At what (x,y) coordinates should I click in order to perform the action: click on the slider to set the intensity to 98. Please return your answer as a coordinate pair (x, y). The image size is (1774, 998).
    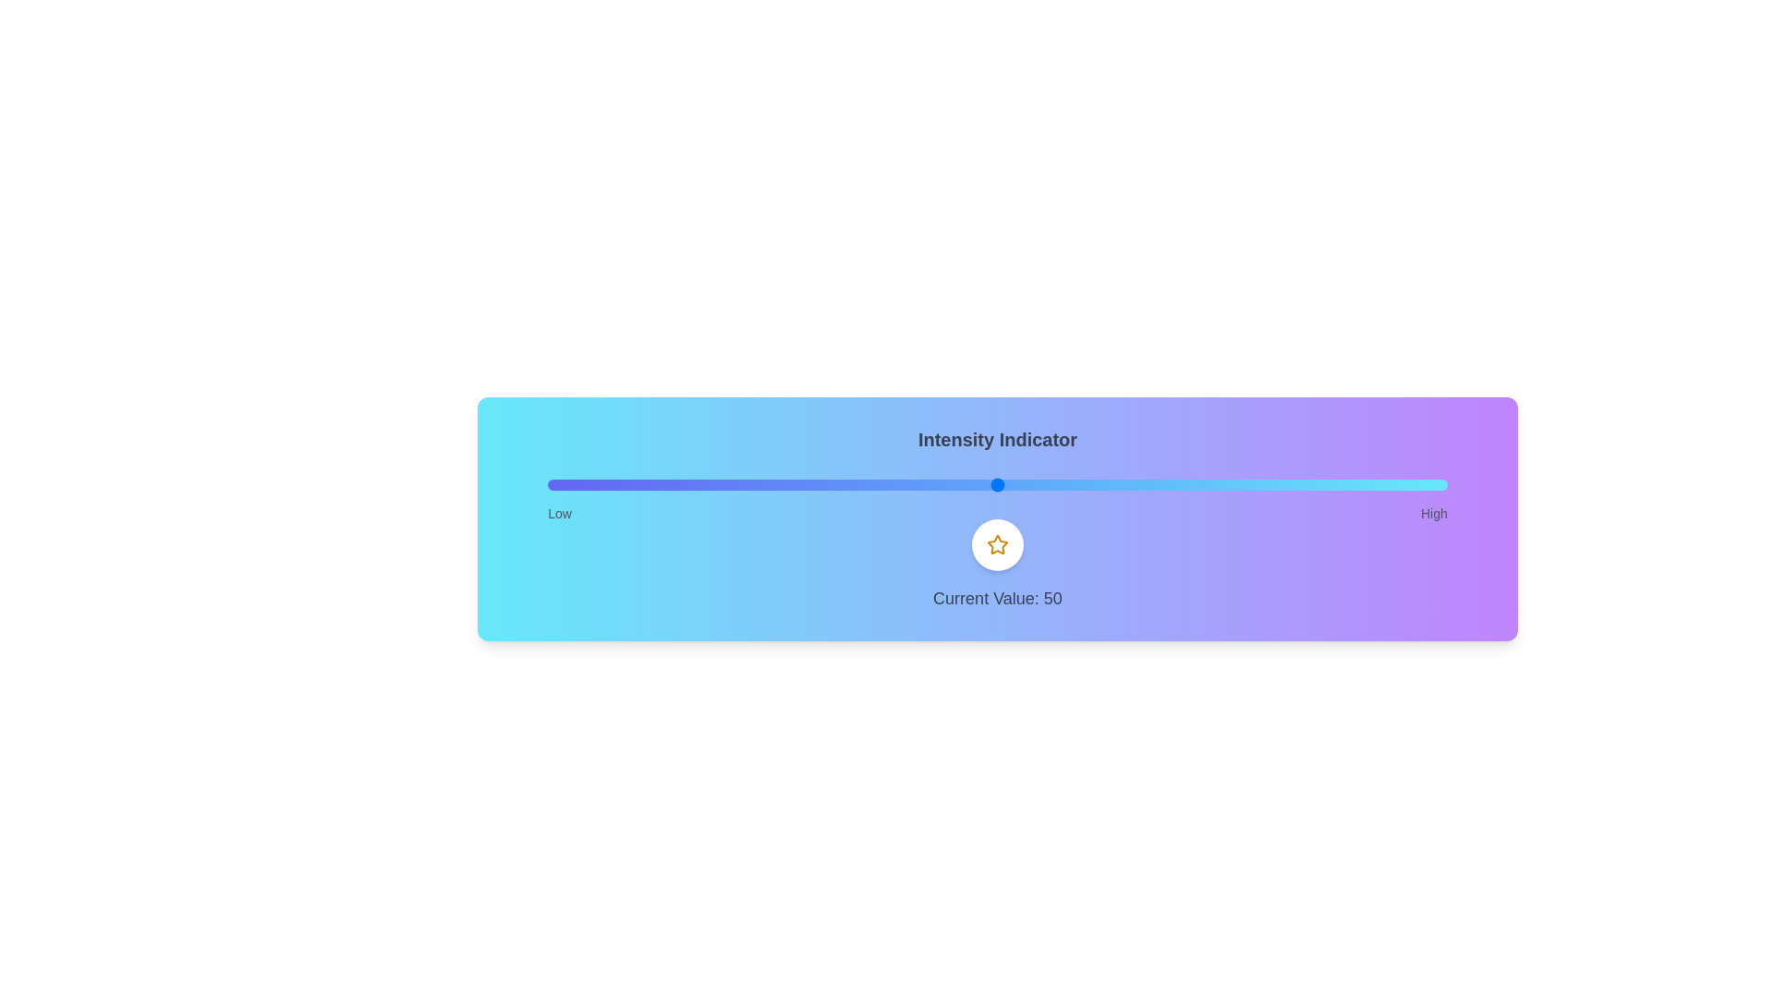
    Looking at the image, I should click on (1428, 483).